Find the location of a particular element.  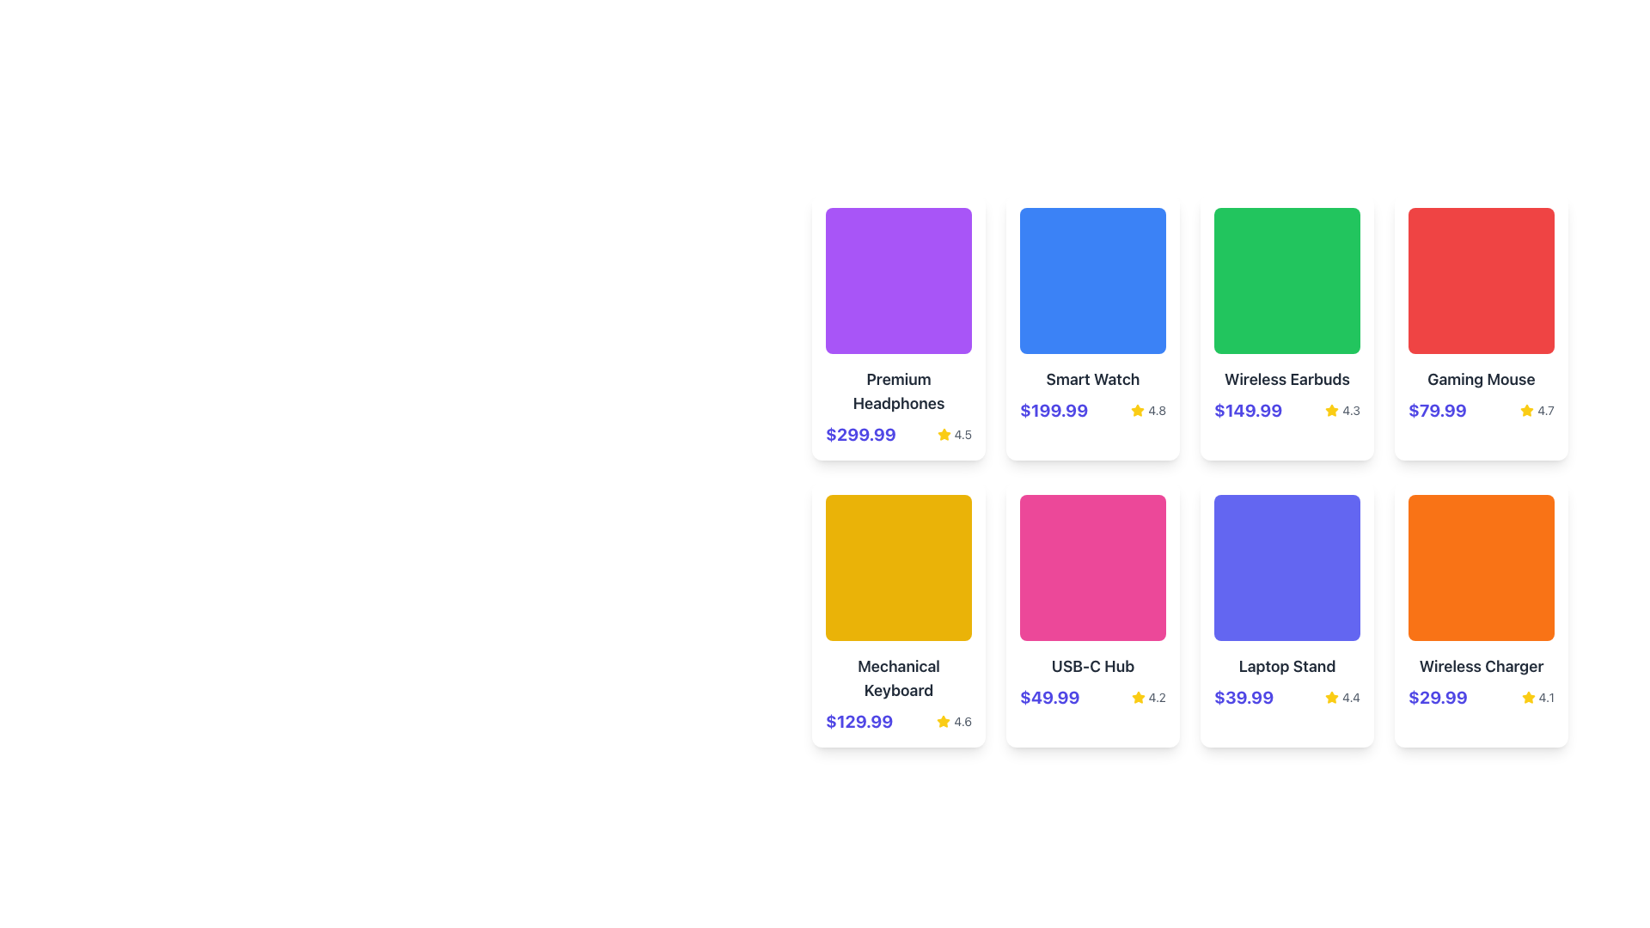

the price and rating element located at the bottom right corner of the 'Premium Headphones' product card, which displays the product's price and user rating is located at coordinates (898, 433).